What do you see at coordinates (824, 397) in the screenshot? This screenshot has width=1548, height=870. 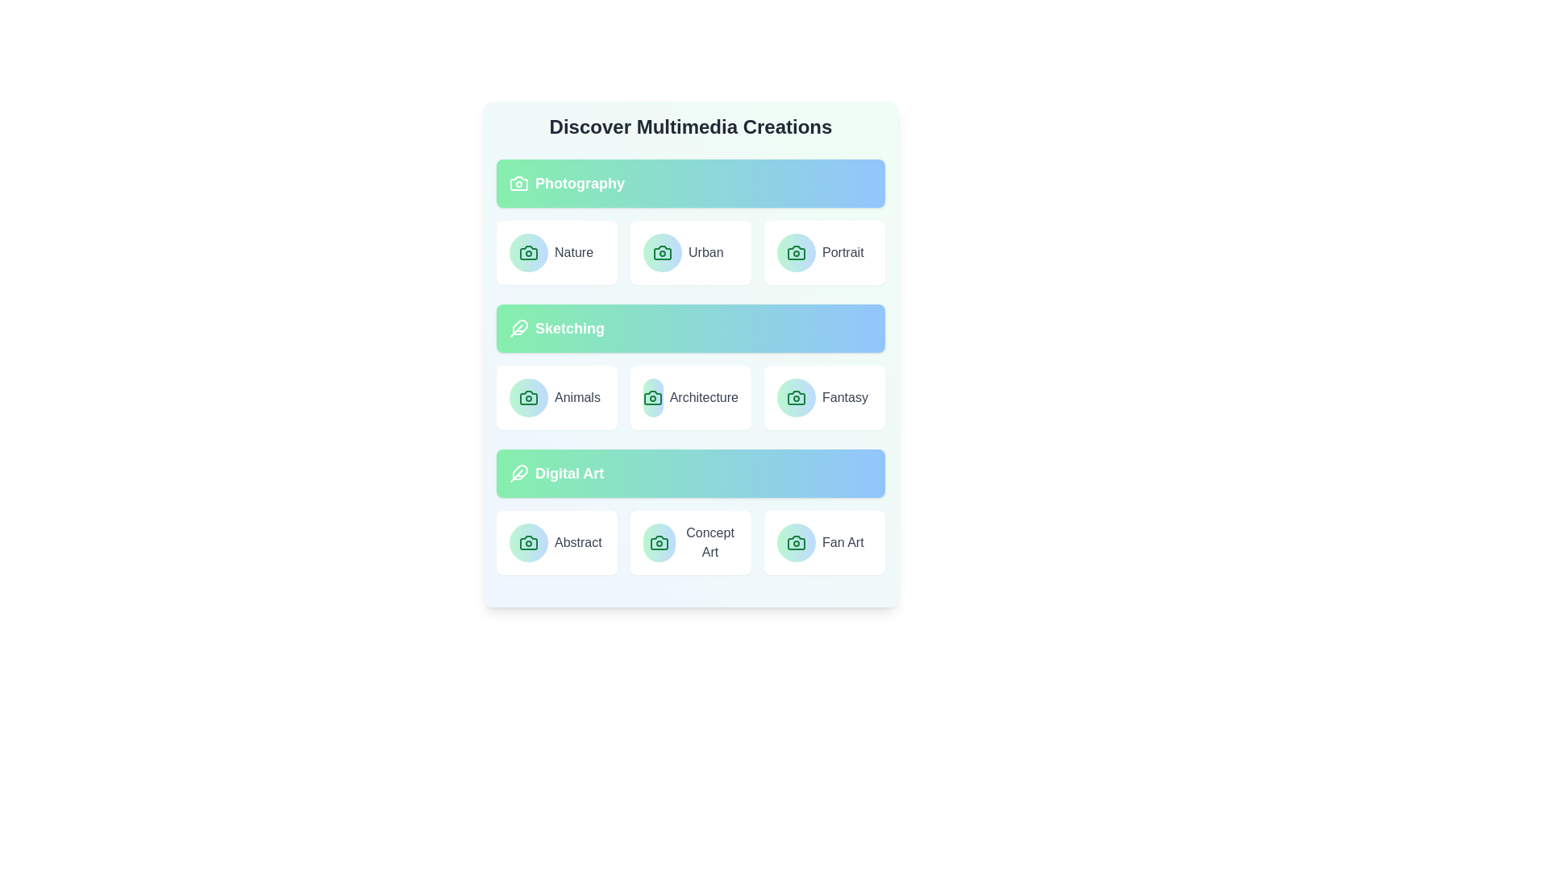 I see `the item Fantasy within the category Sketching` at bounding box center [824, 397].